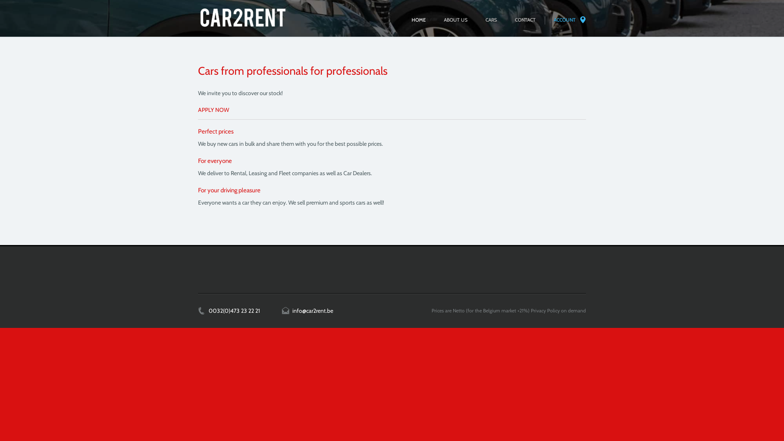 The width and height of the screenshot is (784, 441). Describe the element at coordinates (214, 109) in the screenshot. I see `'APPLY NOW'` at that location.